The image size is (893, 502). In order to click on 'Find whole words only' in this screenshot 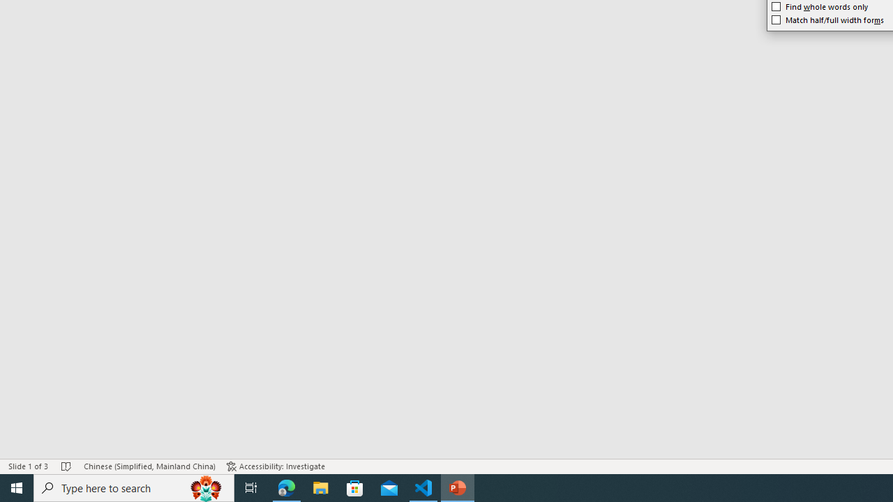, I will do `click(820, 7)`.